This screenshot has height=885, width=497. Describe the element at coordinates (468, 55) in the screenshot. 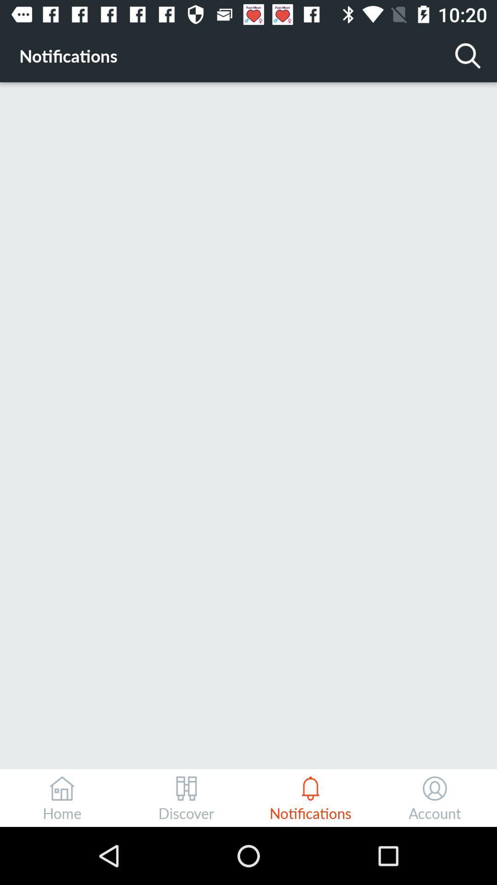

I see `icon next to the notifications item` at that location.